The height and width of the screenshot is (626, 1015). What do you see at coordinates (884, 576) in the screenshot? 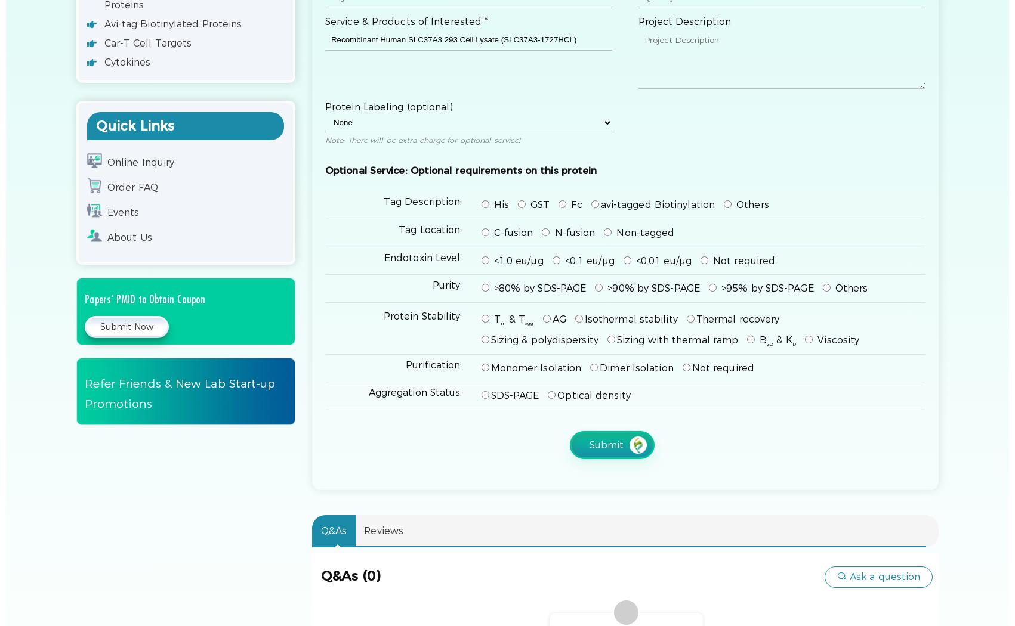
I see `'Ask a question'` at bounding box center [884, 576].